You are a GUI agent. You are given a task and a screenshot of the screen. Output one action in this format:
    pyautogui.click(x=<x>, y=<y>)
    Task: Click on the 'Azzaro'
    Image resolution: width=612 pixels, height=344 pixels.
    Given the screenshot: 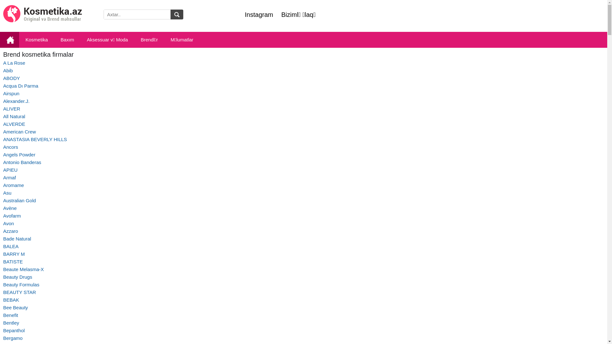 What is the action you would take?
    pyautogui.click(x=11, y=231)
    